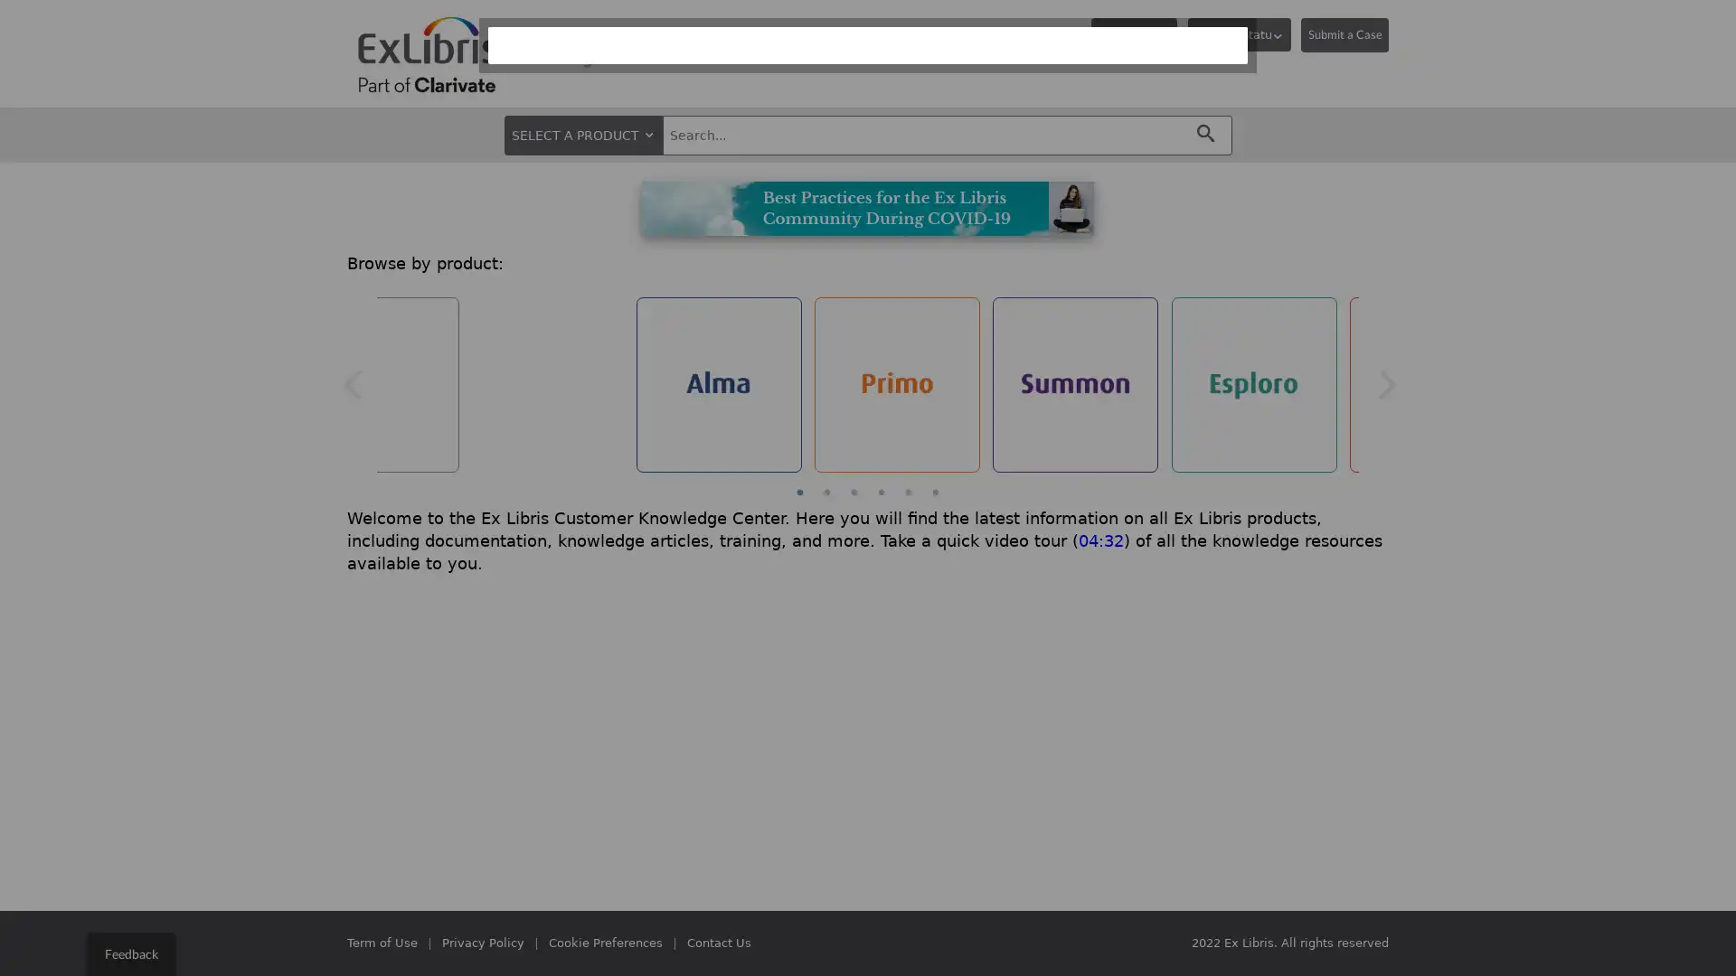 This screenshot has width=1736, height=976. I want to click on 1, so click(798, 492).